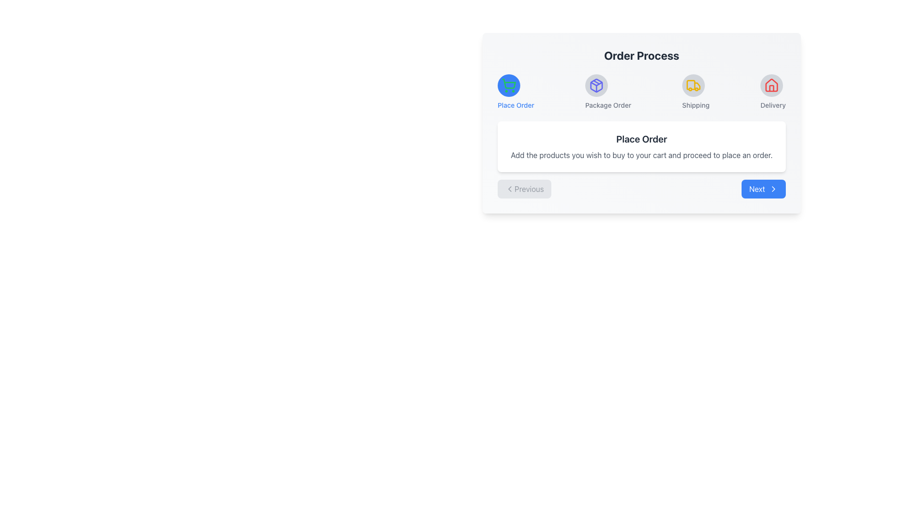  Describe the element at coordinates (508, 85) in the screenshot. I see `the circular blue button with a green shopping cart icon` at that location.